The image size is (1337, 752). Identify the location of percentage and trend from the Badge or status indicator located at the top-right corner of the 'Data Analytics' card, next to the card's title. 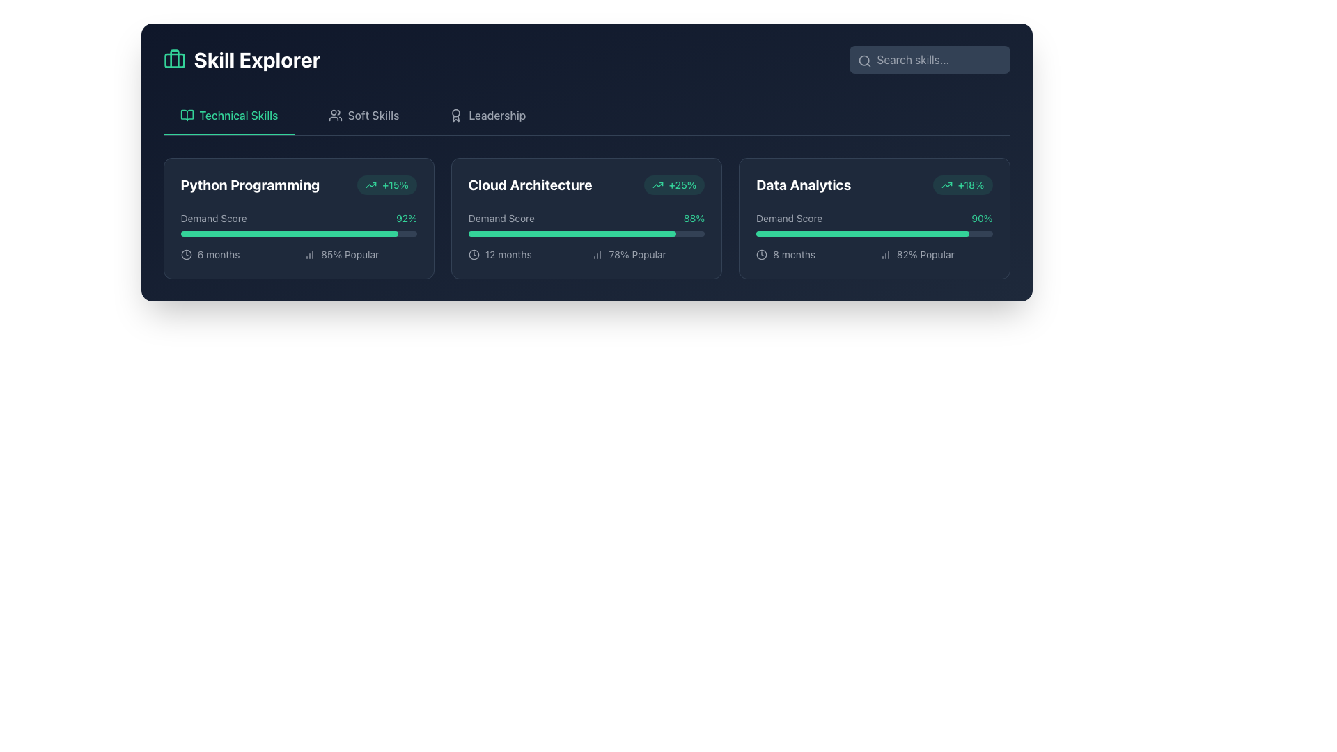
(962, 185).